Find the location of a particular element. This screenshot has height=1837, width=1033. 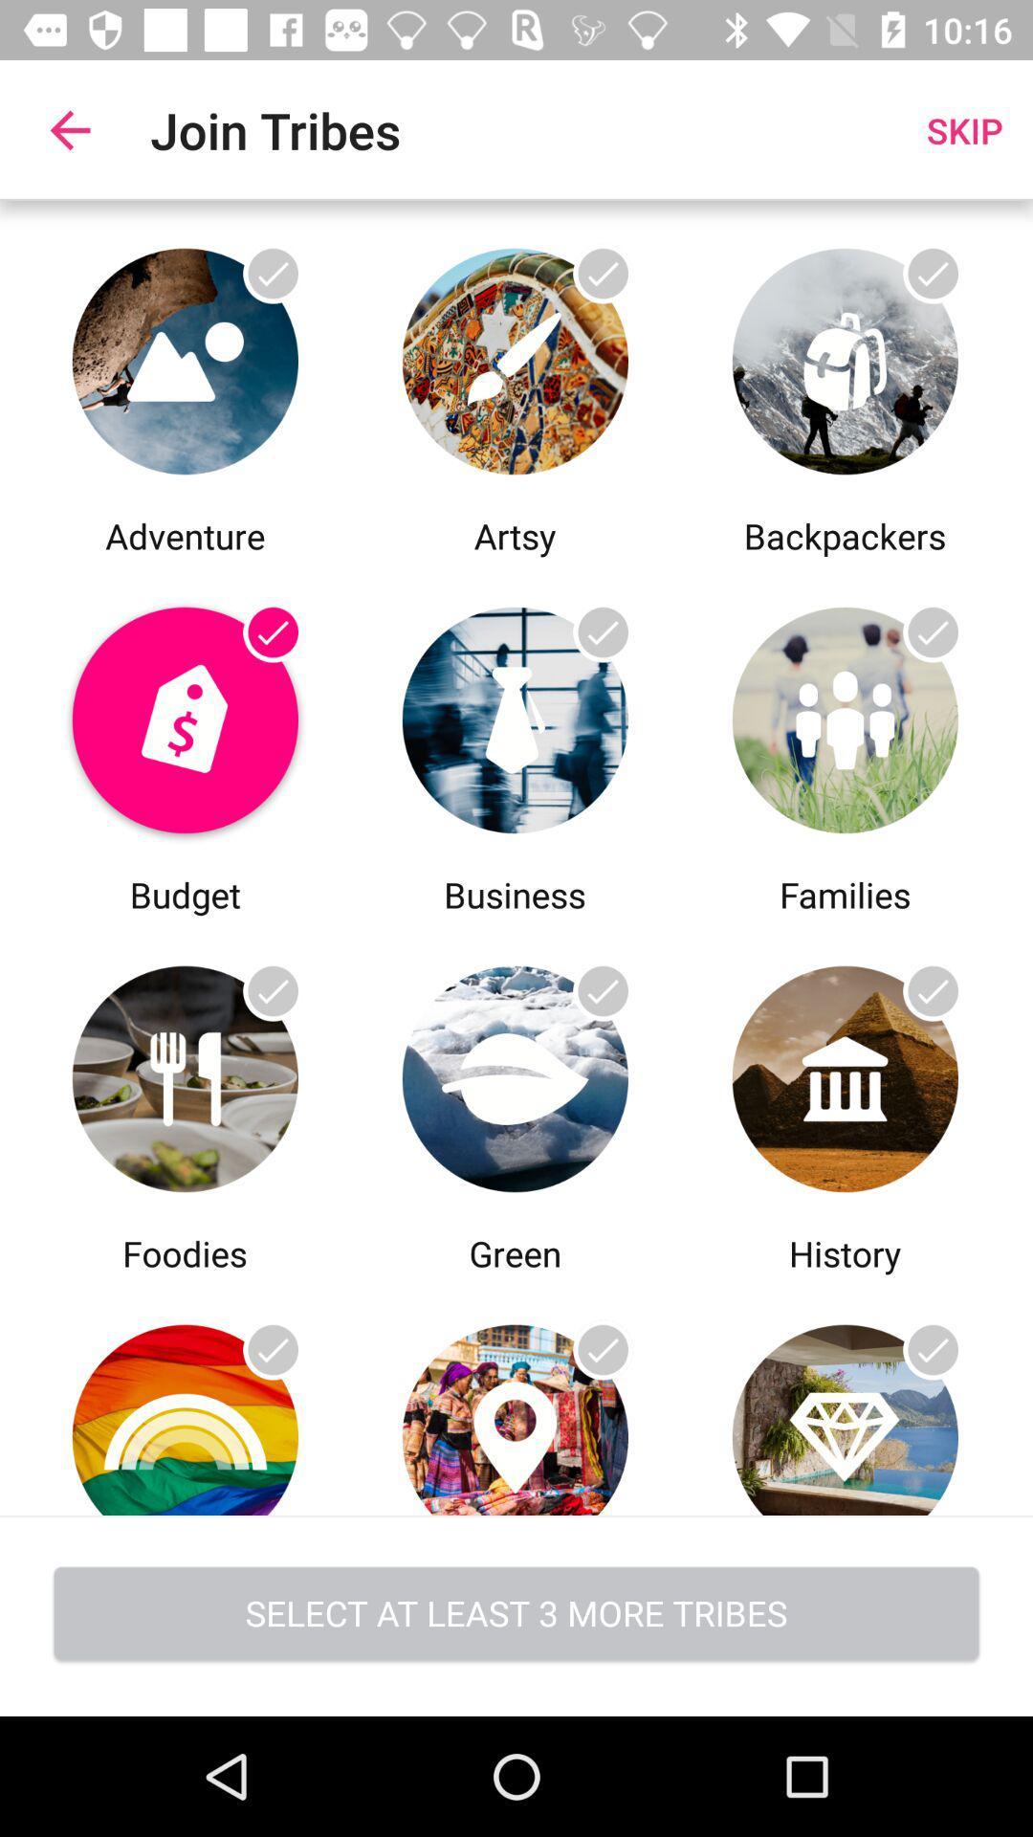

press for green is located at coordinates (514, 1396).